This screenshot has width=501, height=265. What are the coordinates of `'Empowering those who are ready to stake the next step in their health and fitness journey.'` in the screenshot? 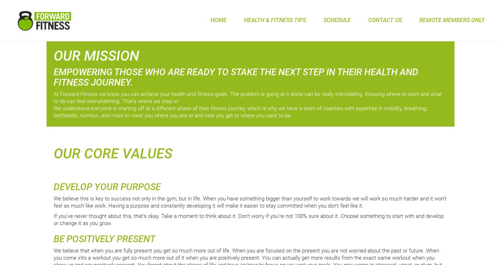 It's located at (53, 76).